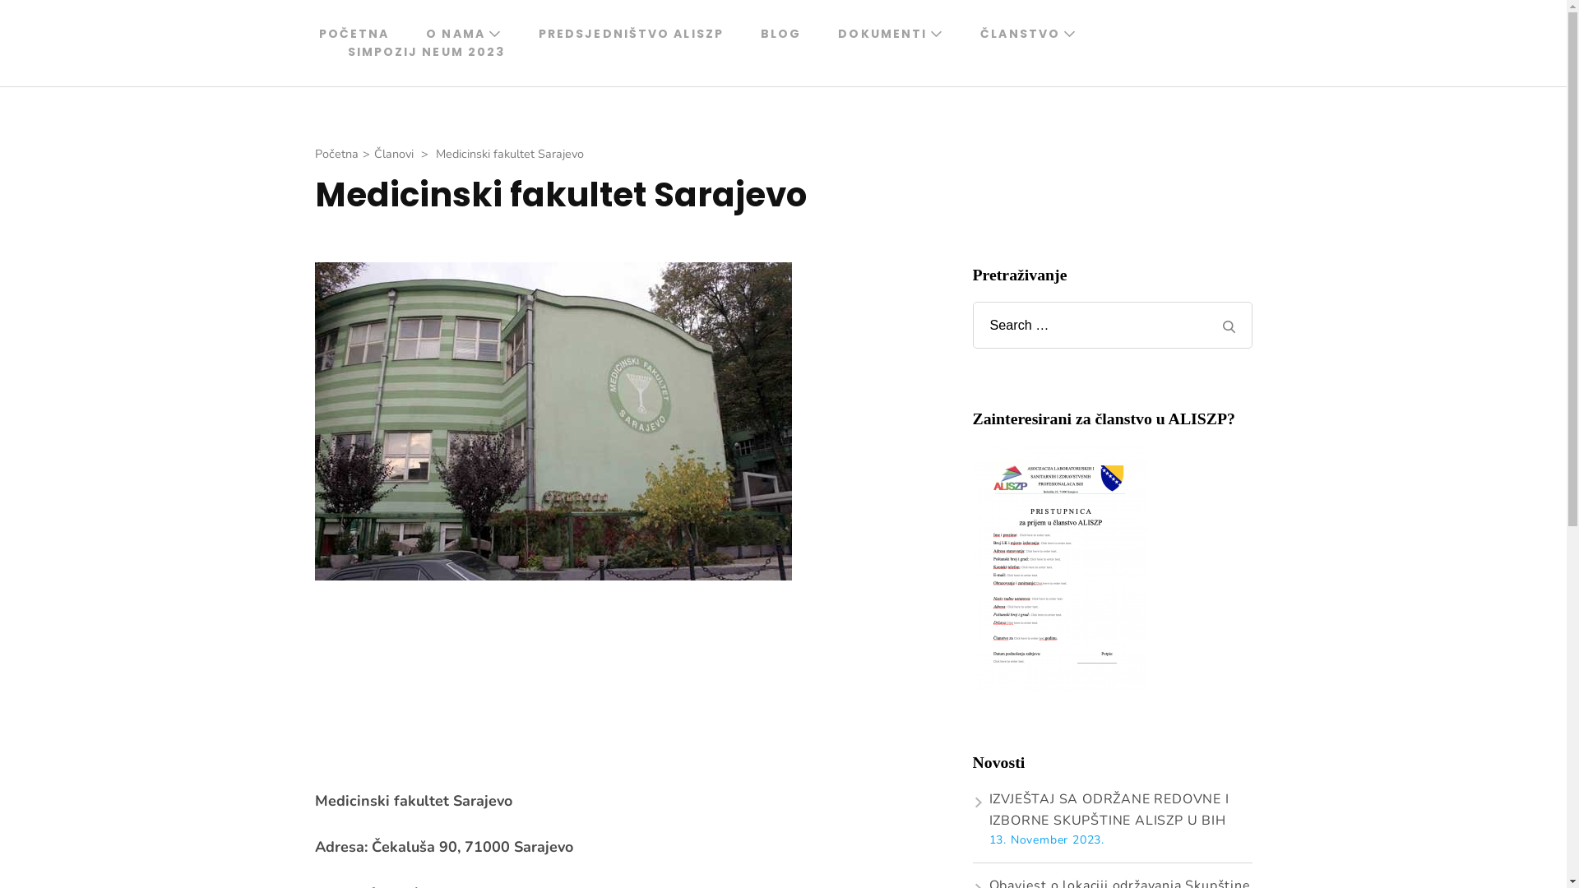 The height and width of the screenshot is (888, 1579). What do you see at coordinates (780, 34) in the screenshot?
I see `'BLOG'` at bounding box center [780, 34].